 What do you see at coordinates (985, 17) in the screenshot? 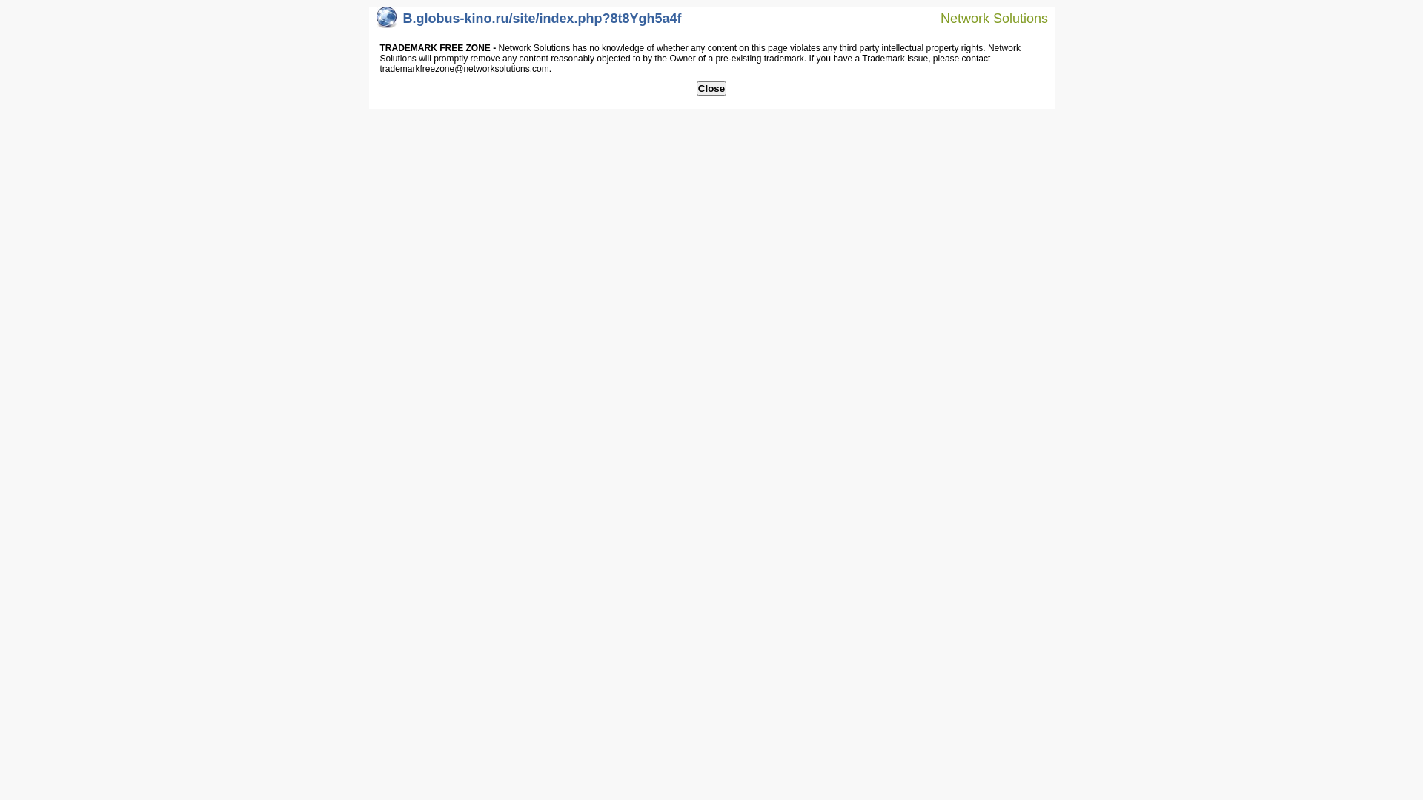
I see `'Network Solutions'` at bounding box center [985, 17].